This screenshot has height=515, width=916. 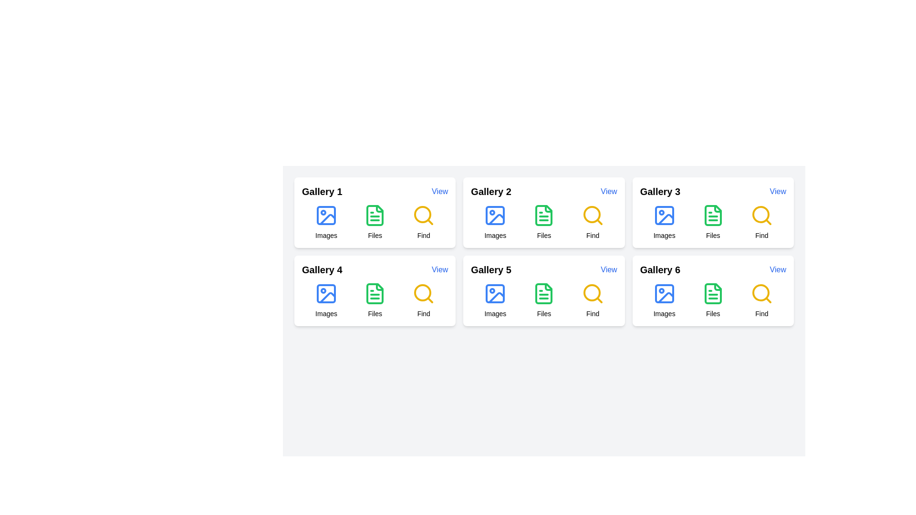 What do you see at coordinates (664, 235) in the screenshot?
I see `text label displaying 'Images' located centrally aligned below the image icon in the 'Gallery 3' card` at bounding box center [664, 235].